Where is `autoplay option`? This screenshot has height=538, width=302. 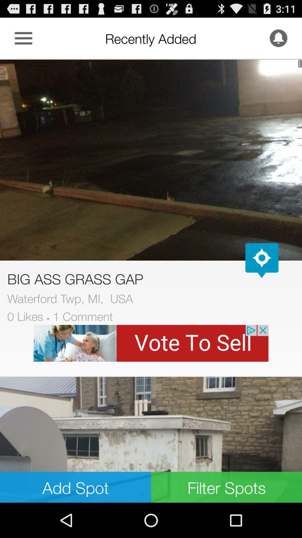 autoplay option is located at coordinates (262, 260).